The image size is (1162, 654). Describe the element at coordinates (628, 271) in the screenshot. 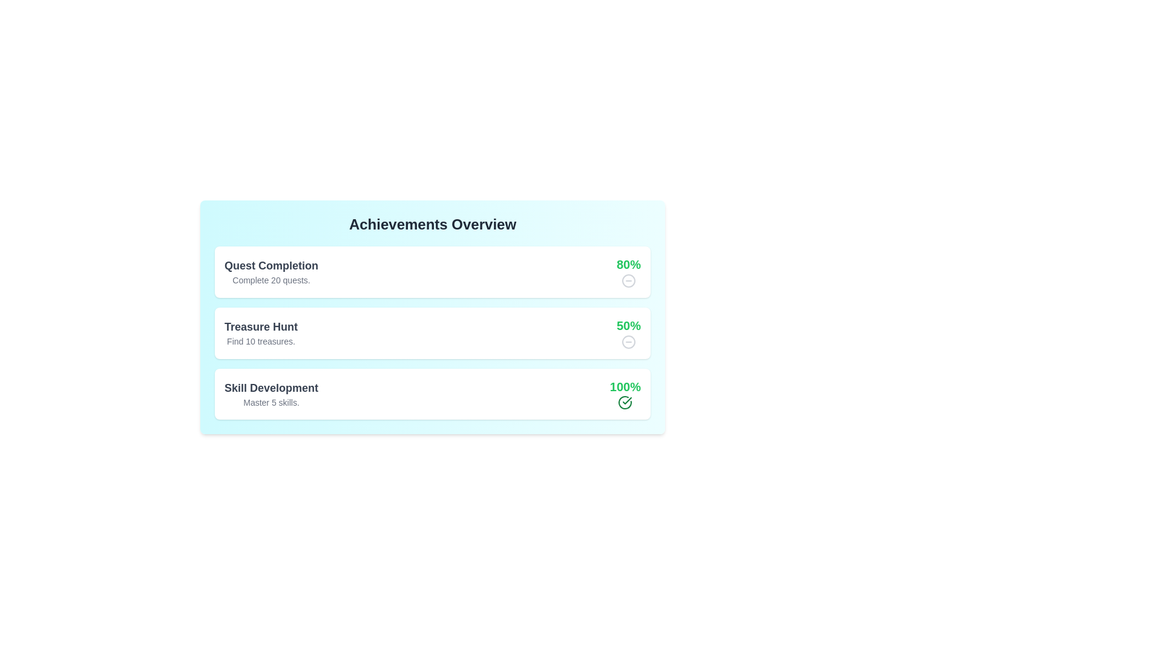

I see `the Statistical indicator for 'Quest Completion' task progress, which shows 80% completed, located in the top-right corner of the 'Achievements Overview' card` at that location.